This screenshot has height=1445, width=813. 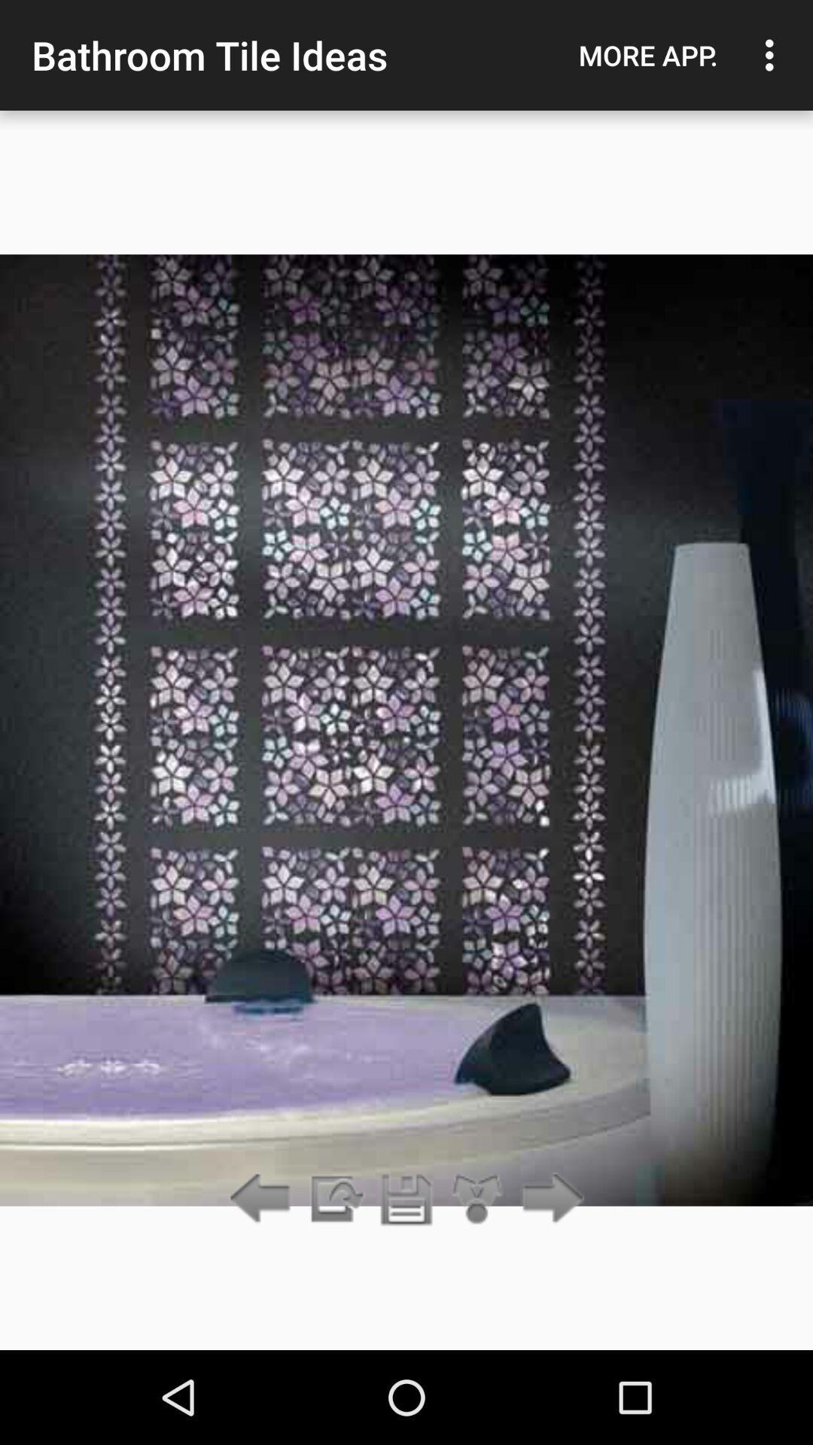 I want to click on the arrow_backward icon, so click(x=263, y=1199).